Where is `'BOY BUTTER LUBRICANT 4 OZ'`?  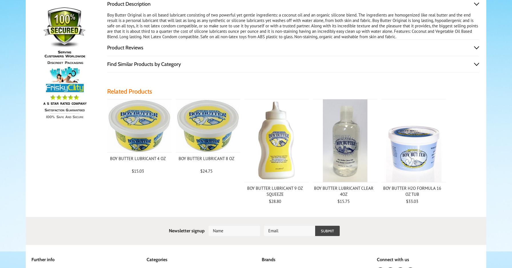 'BOY BUTTER LUBRICANT 4 OZ' is located at coordinates (138, 158).